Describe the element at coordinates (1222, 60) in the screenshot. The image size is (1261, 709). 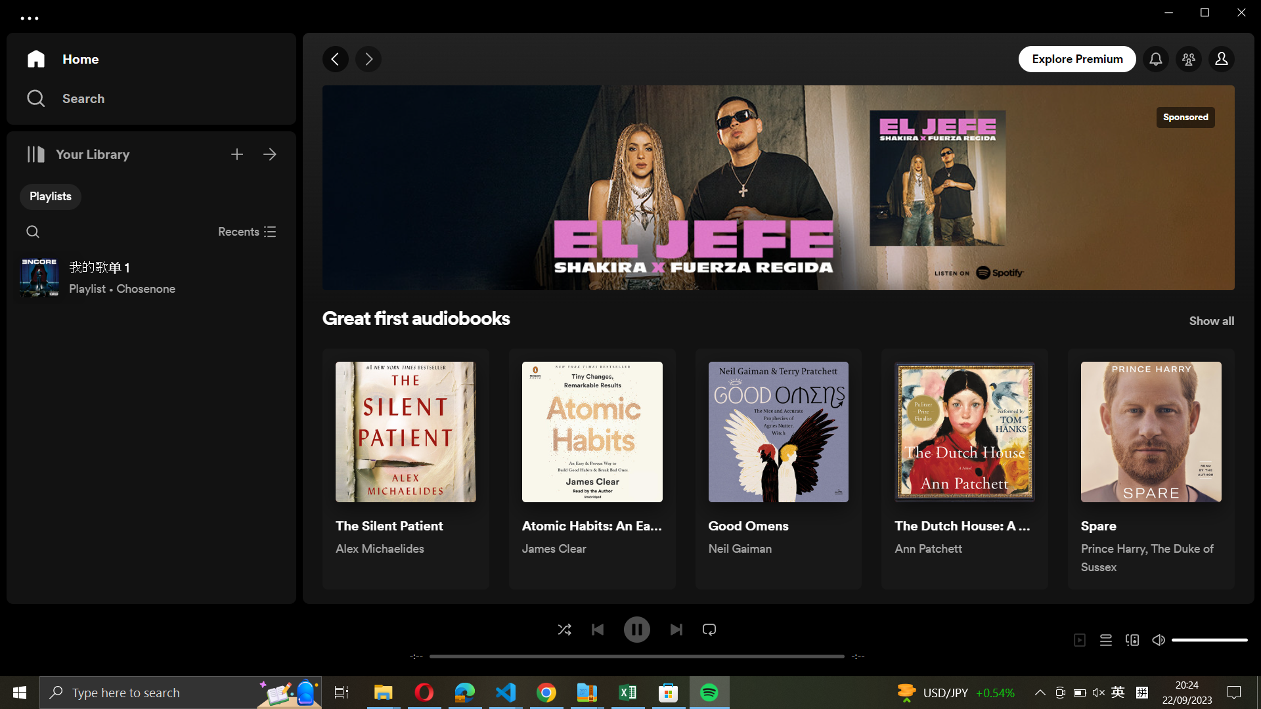
I see `the personalized account` at that location.